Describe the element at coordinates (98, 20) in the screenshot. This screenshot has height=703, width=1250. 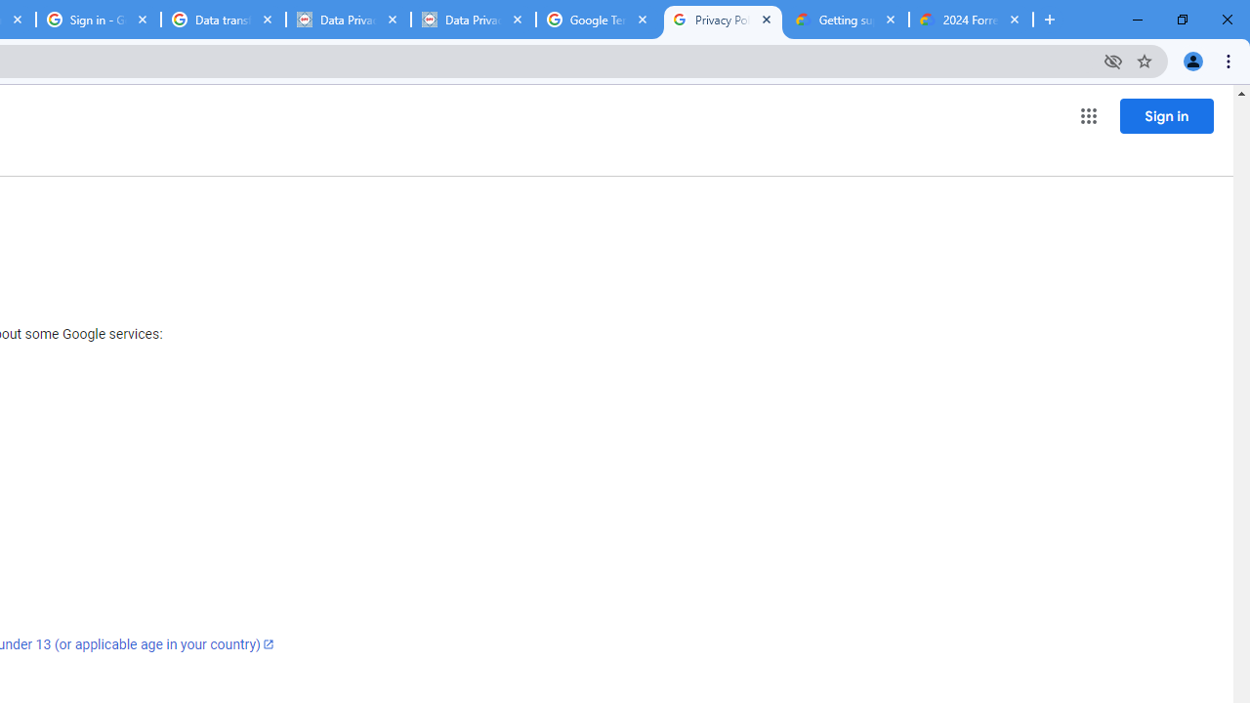
I see `'Sign in - Google Accounts'` at that location.